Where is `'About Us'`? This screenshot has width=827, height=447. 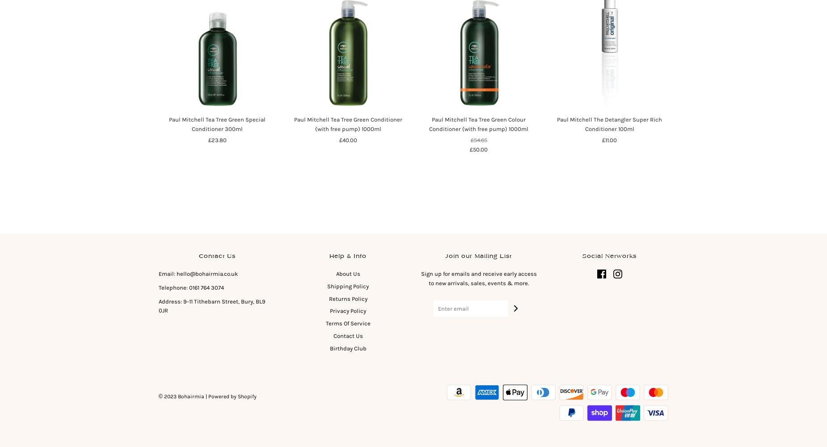
'About Us' is located at coordinates (335, 273).